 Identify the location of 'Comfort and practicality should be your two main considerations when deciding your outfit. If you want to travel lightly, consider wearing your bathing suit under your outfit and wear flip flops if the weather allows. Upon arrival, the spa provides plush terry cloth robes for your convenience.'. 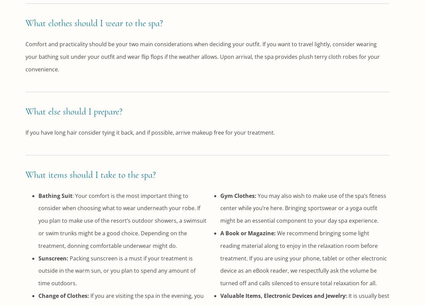
(25, 56).